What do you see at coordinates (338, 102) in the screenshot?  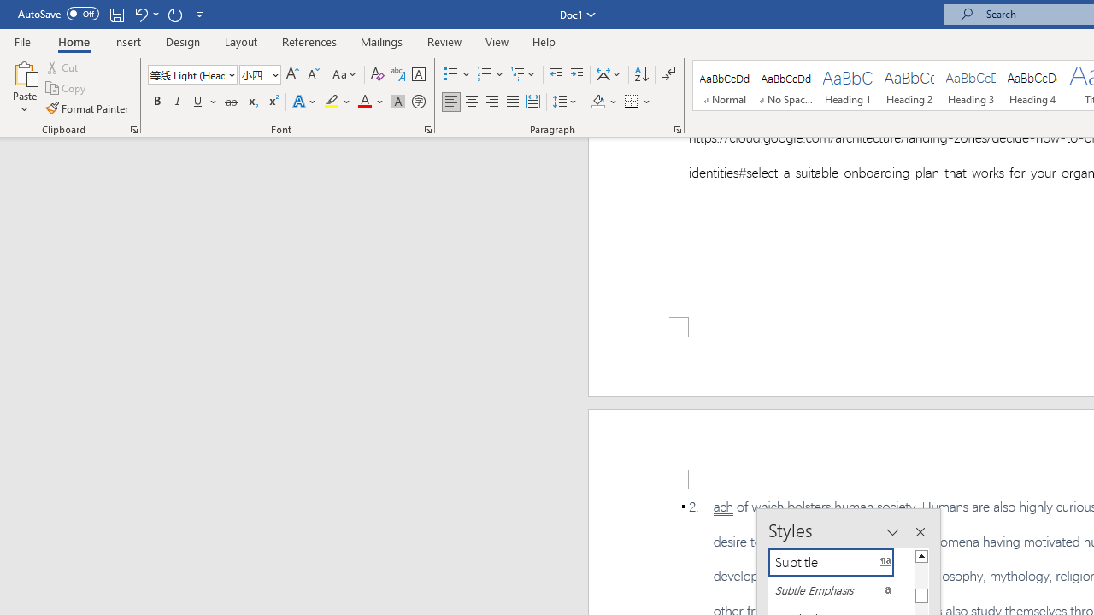 I see `'Text Highlight Color'` at bounding box center [338, 102].